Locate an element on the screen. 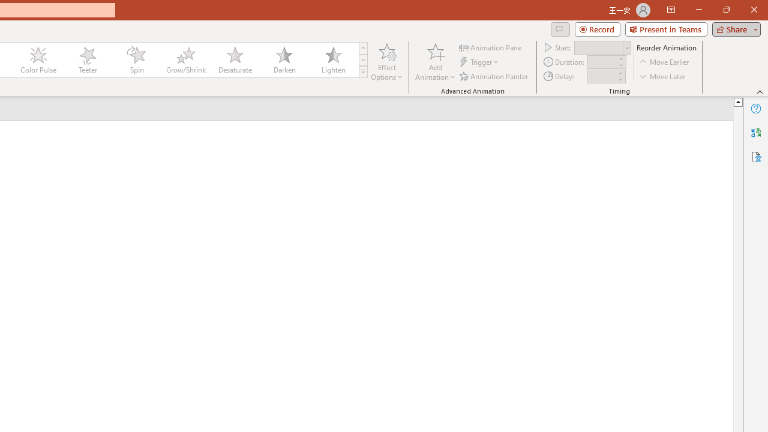 Image resolution: width=768 pixels, height=432 pixels. 'Animation Pane' is located at coordinates (491, 47).